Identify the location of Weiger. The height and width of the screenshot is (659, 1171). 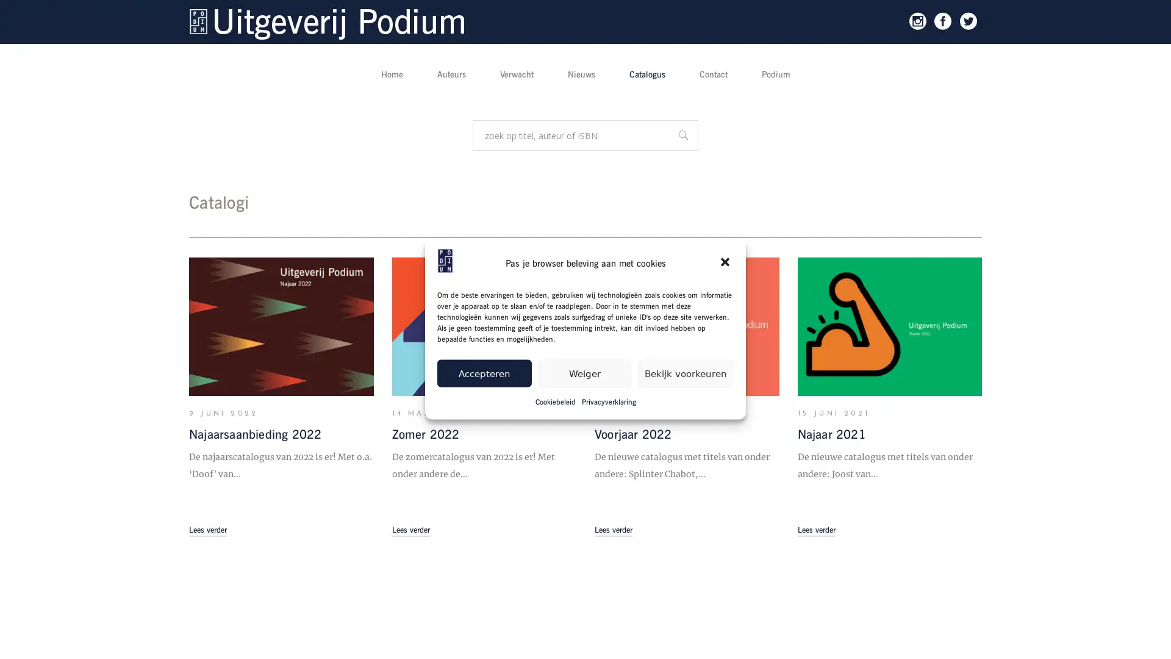
(584, 372).